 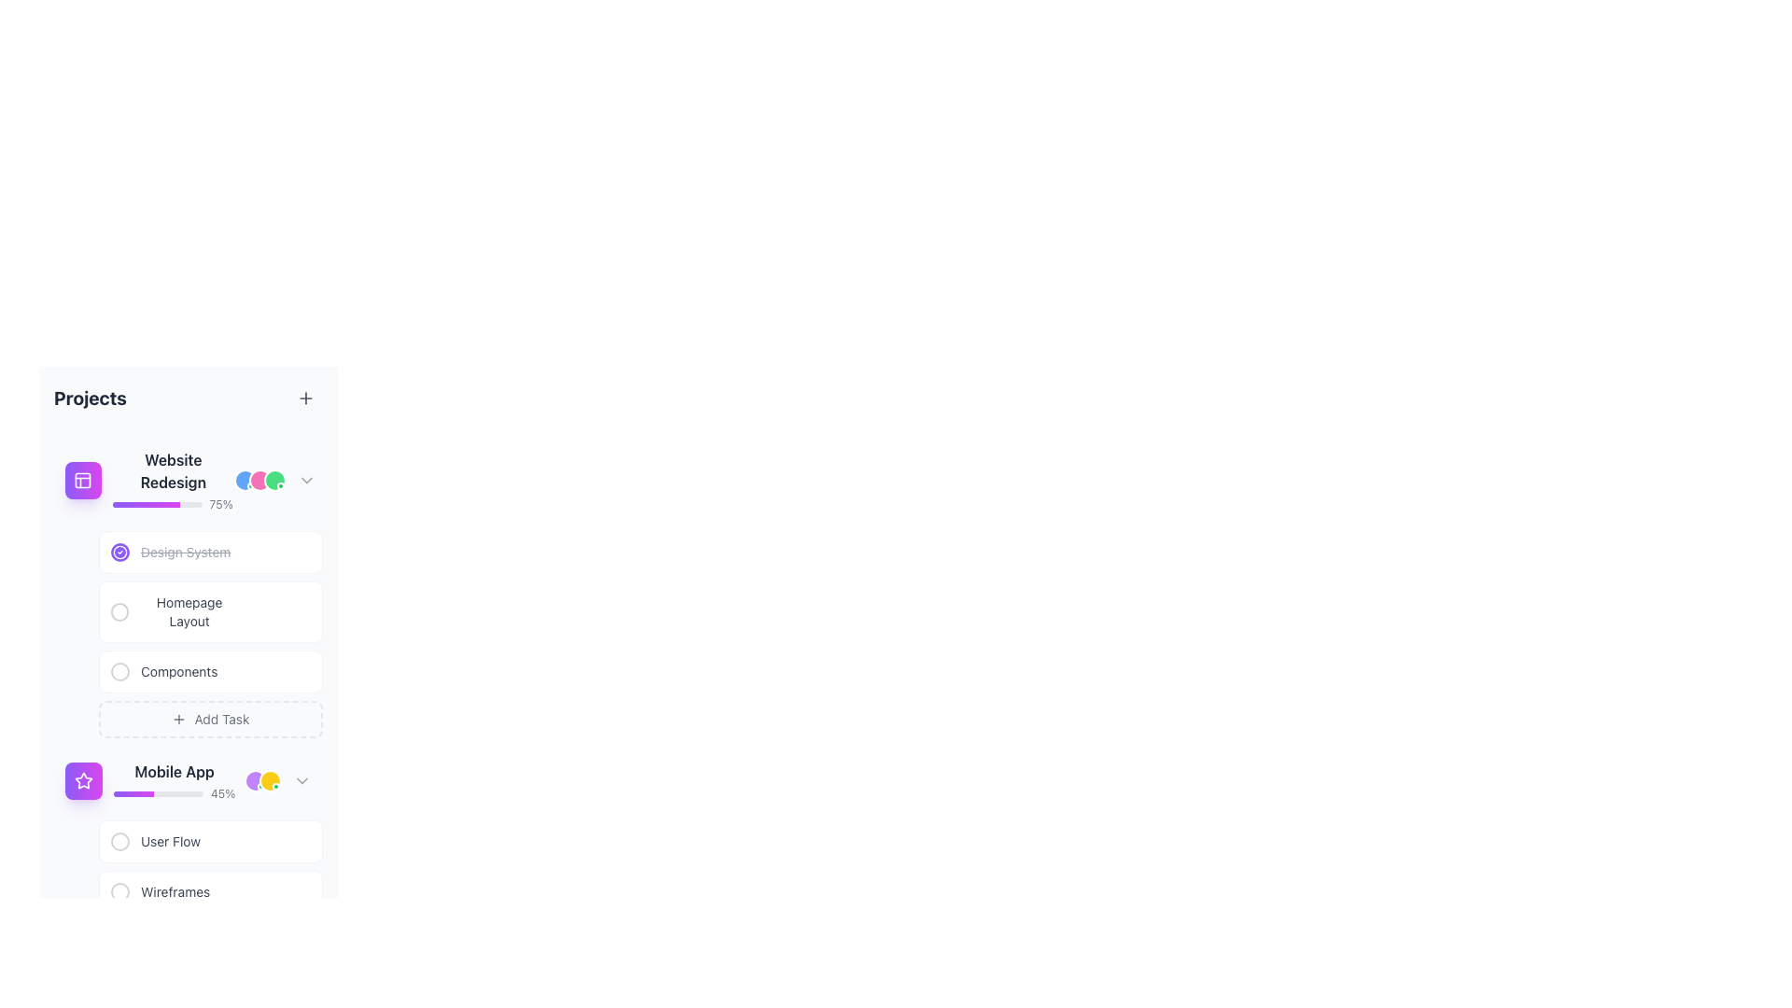 I want to click on the leftmost circular button in the 'Mobile App' subsection under the 'Projects' category, so click(x=119, y=842).